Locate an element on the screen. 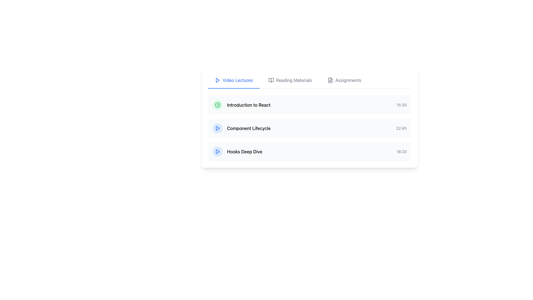  the selectable list item for the video module titled 'Component Lifecycle' is located at coordinates (309, 128).